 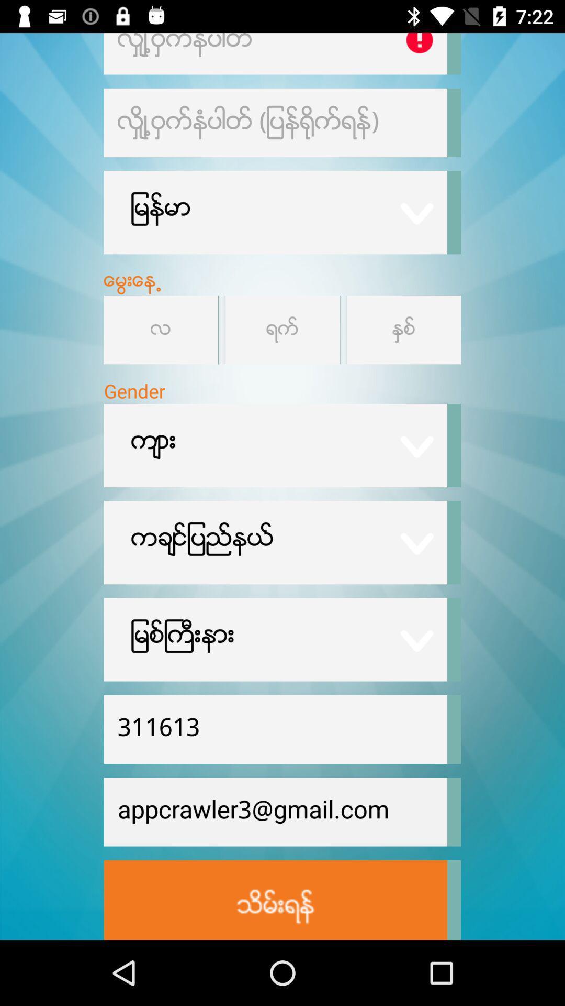 I want to click on enter, so click(x=275, y=899).